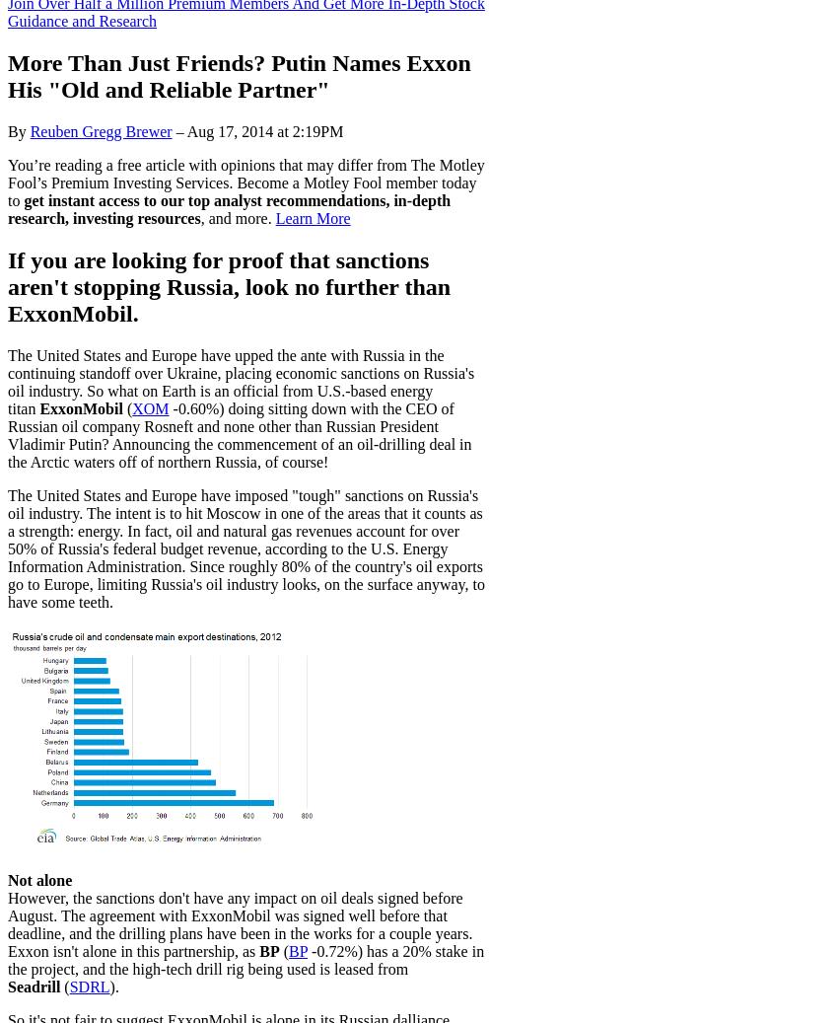  Describe the element at coordinates (193, 406) in the screenshot. I see `'-0.60%'` at that location.